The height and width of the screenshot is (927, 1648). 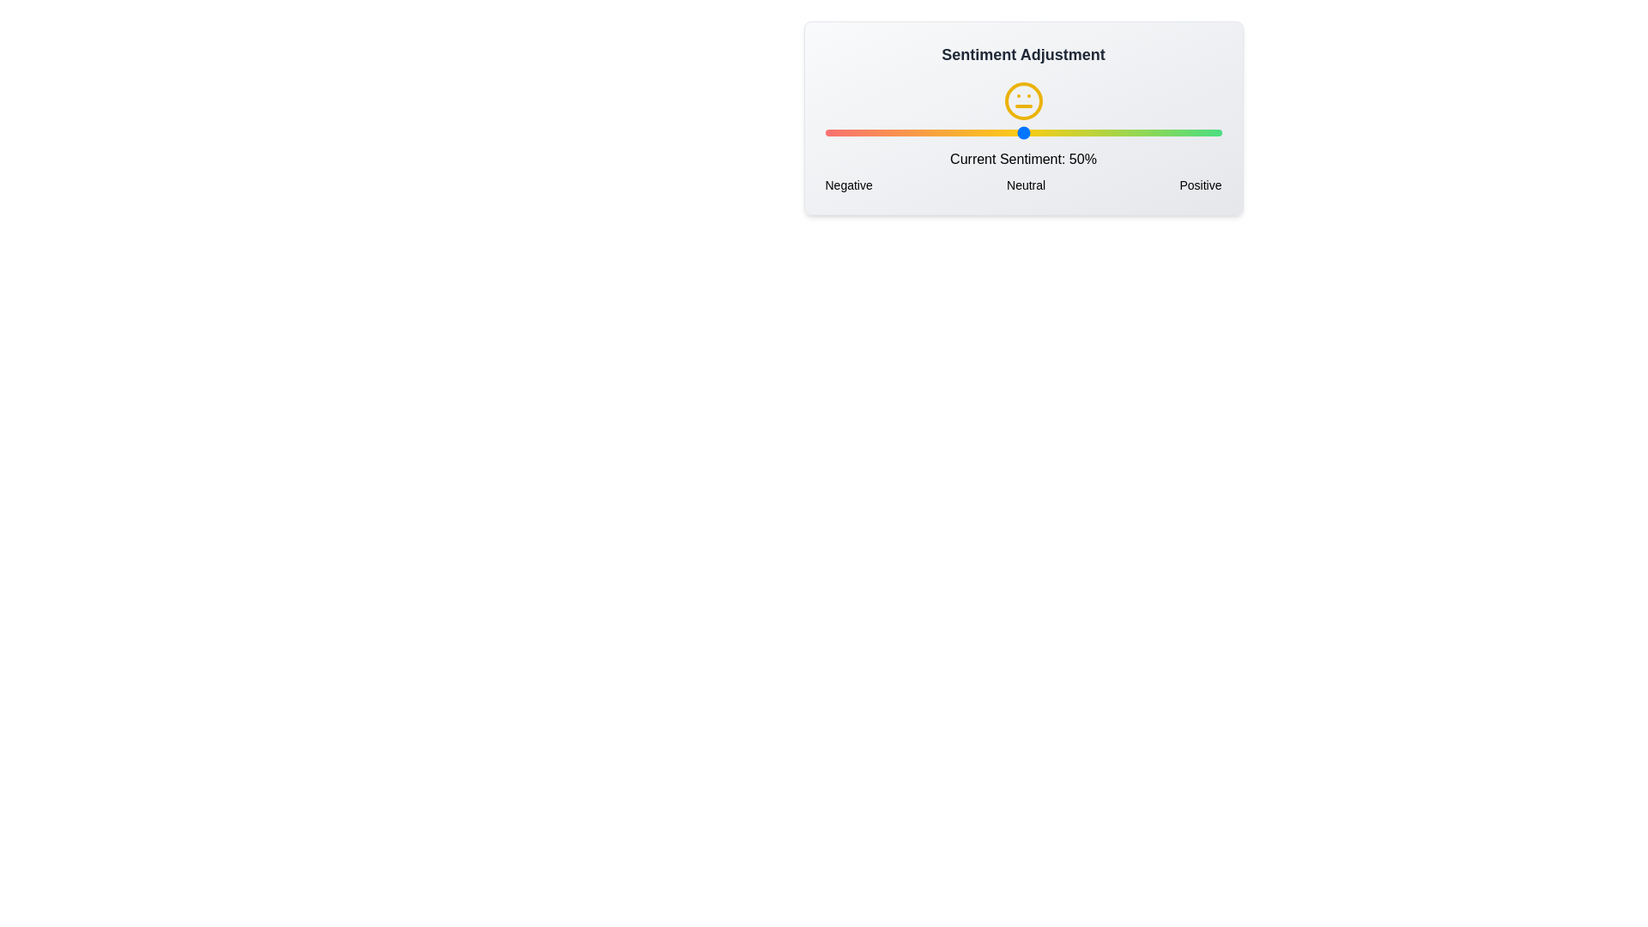 I want to click on the sentiment slider to 25%, so click(x=923, y=131).